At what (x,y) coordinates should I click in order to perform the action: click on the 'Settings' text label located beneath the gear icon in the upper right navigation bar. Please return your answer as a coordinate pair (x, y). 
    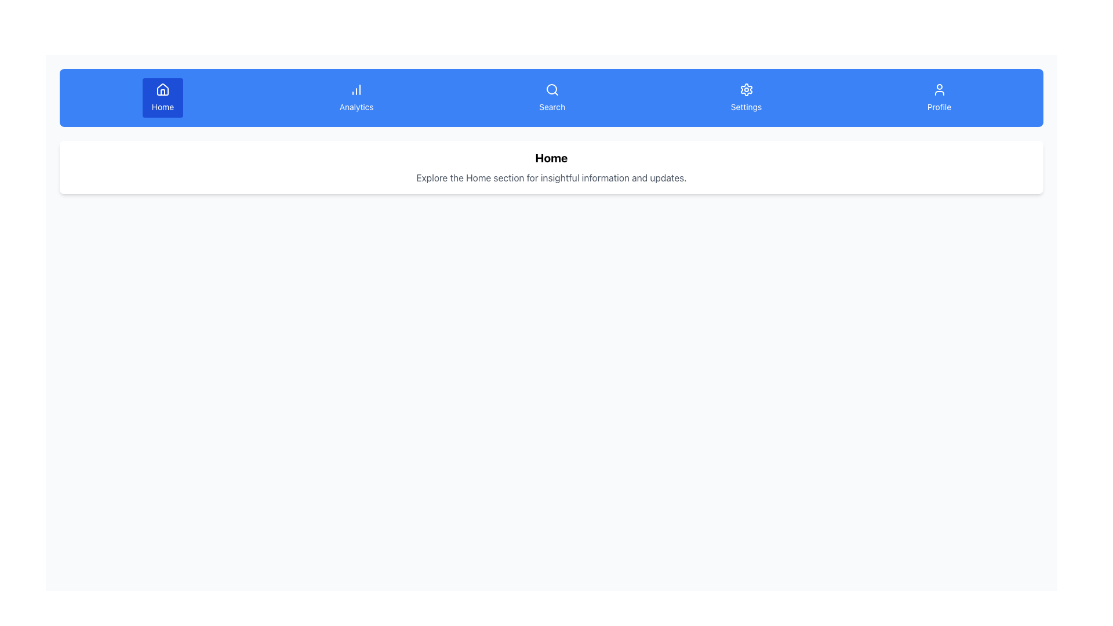
    Looking at the image, I should click on (746, 107).